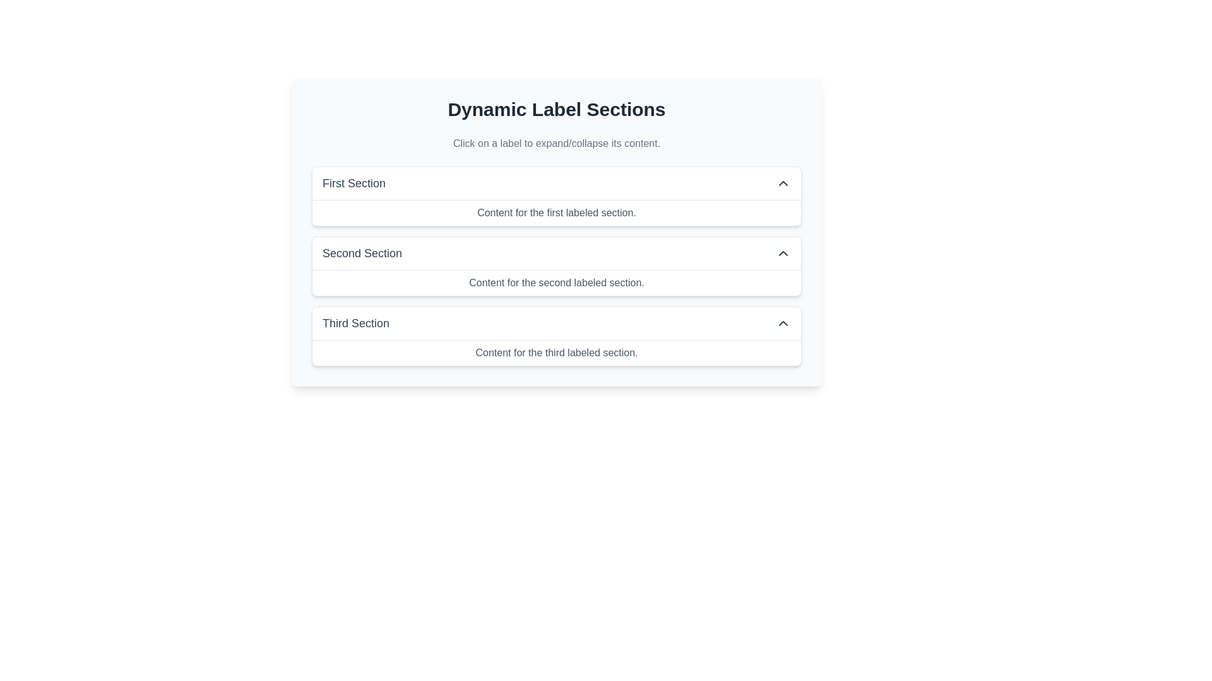 The width and height of the screenshot is (1212, 681). Describe the element at coordinates (783, 323) in the screenshot. I see `the dark-colored chevron-up SVG icon located on the right side of the header for the 'Third Section'` at that location.